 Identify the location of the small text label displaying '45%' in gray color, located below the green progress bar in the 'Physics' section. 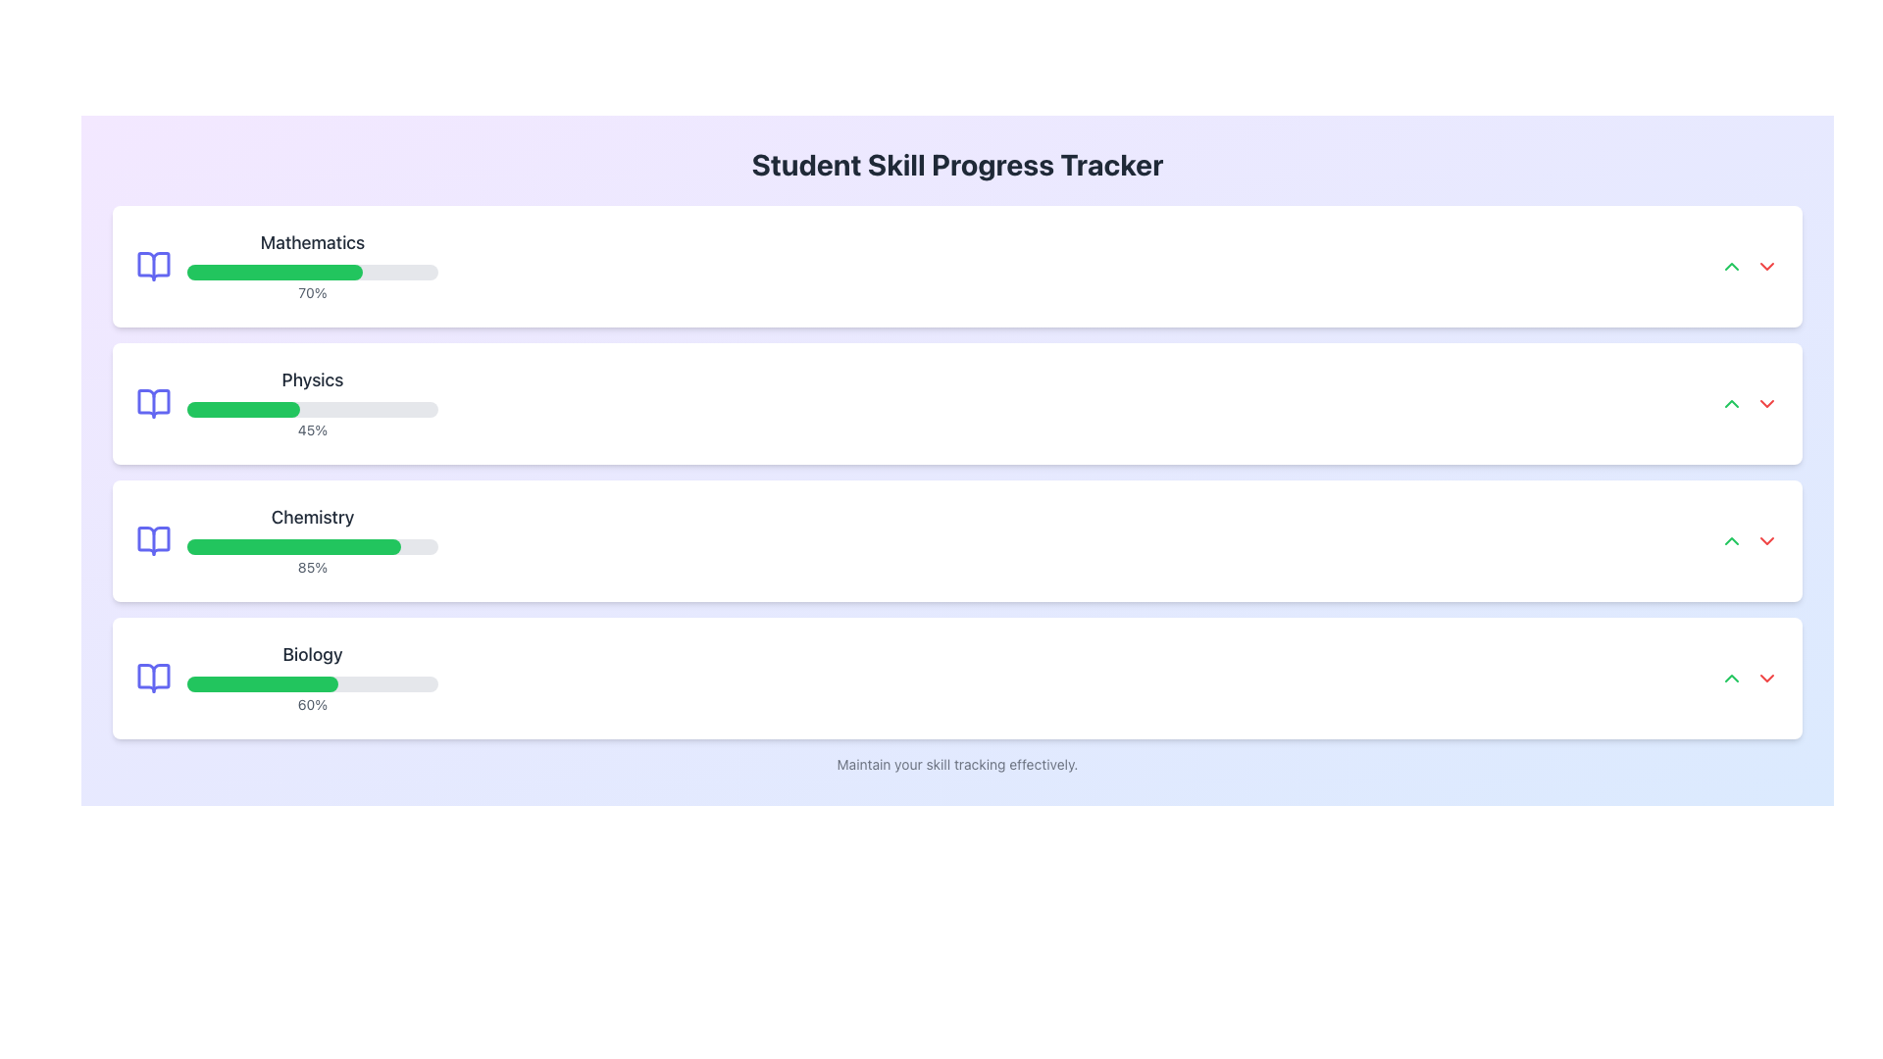
(311, 429).